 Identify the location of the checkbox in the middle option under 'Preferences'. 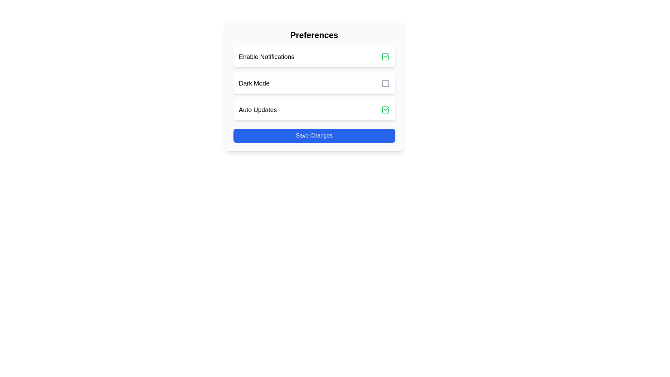
(314, 83).